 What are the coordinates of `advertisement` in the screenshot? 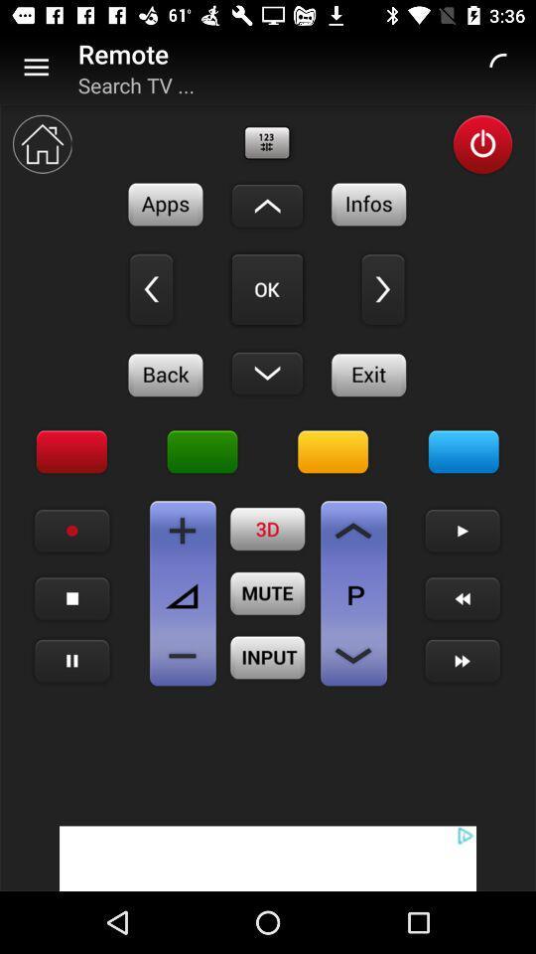 It's located at (268, 858).